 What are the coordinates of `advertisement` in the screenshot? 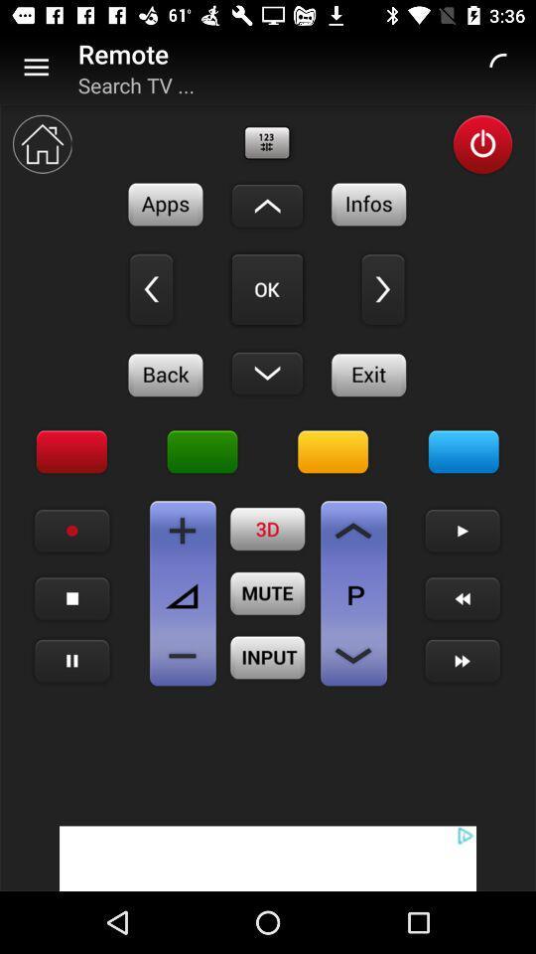 It's located at (268, 858).